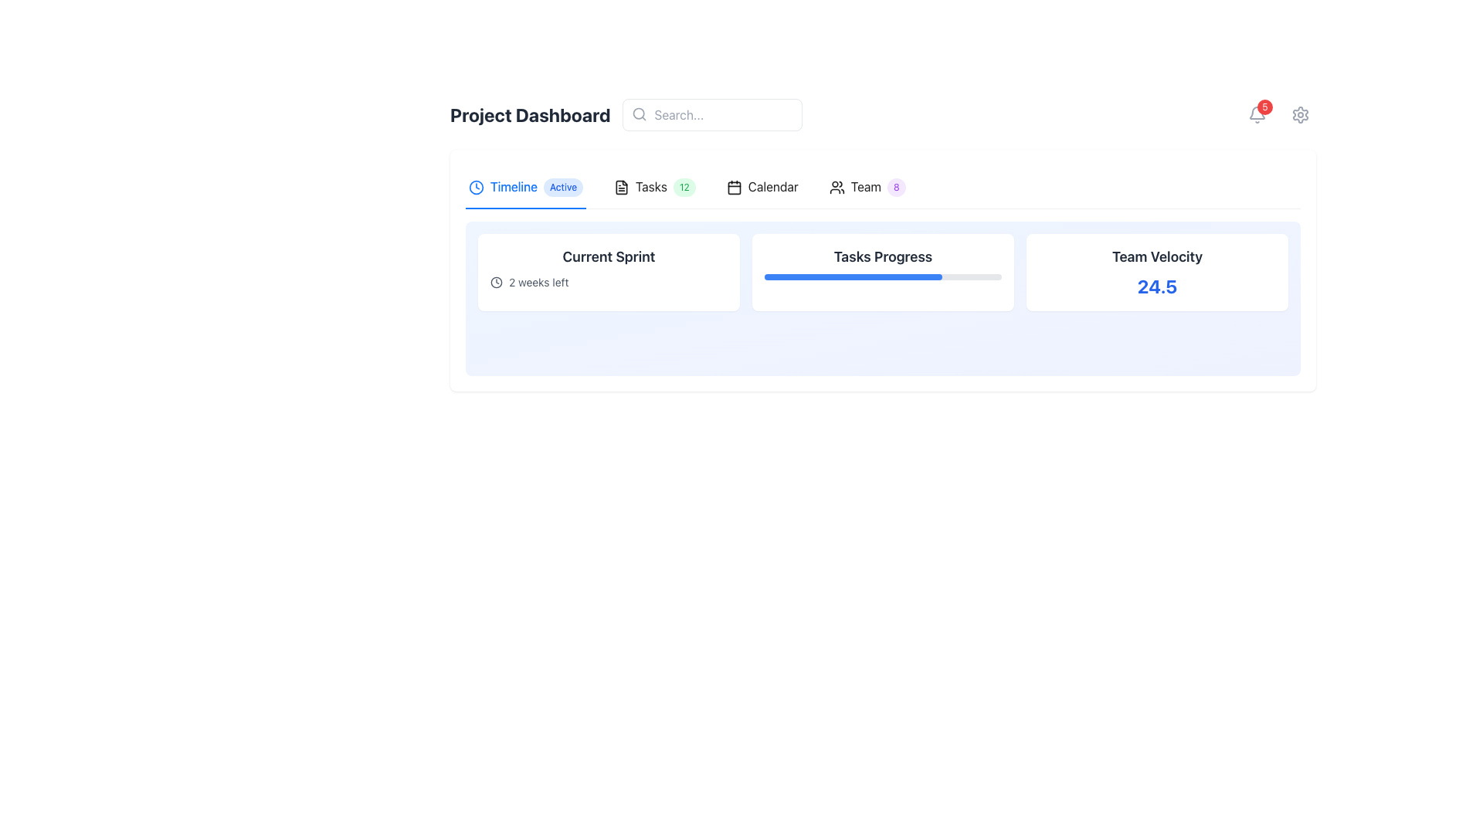  What do you see at coordinates (514, 186) in the screenshot?
I see `the 'Timeline' text label, which is styled with a blue font color and located in the navigation bar at the top of the content, positioned between a clock icon and an 'Active' badge` at bounding box center [514, 186].